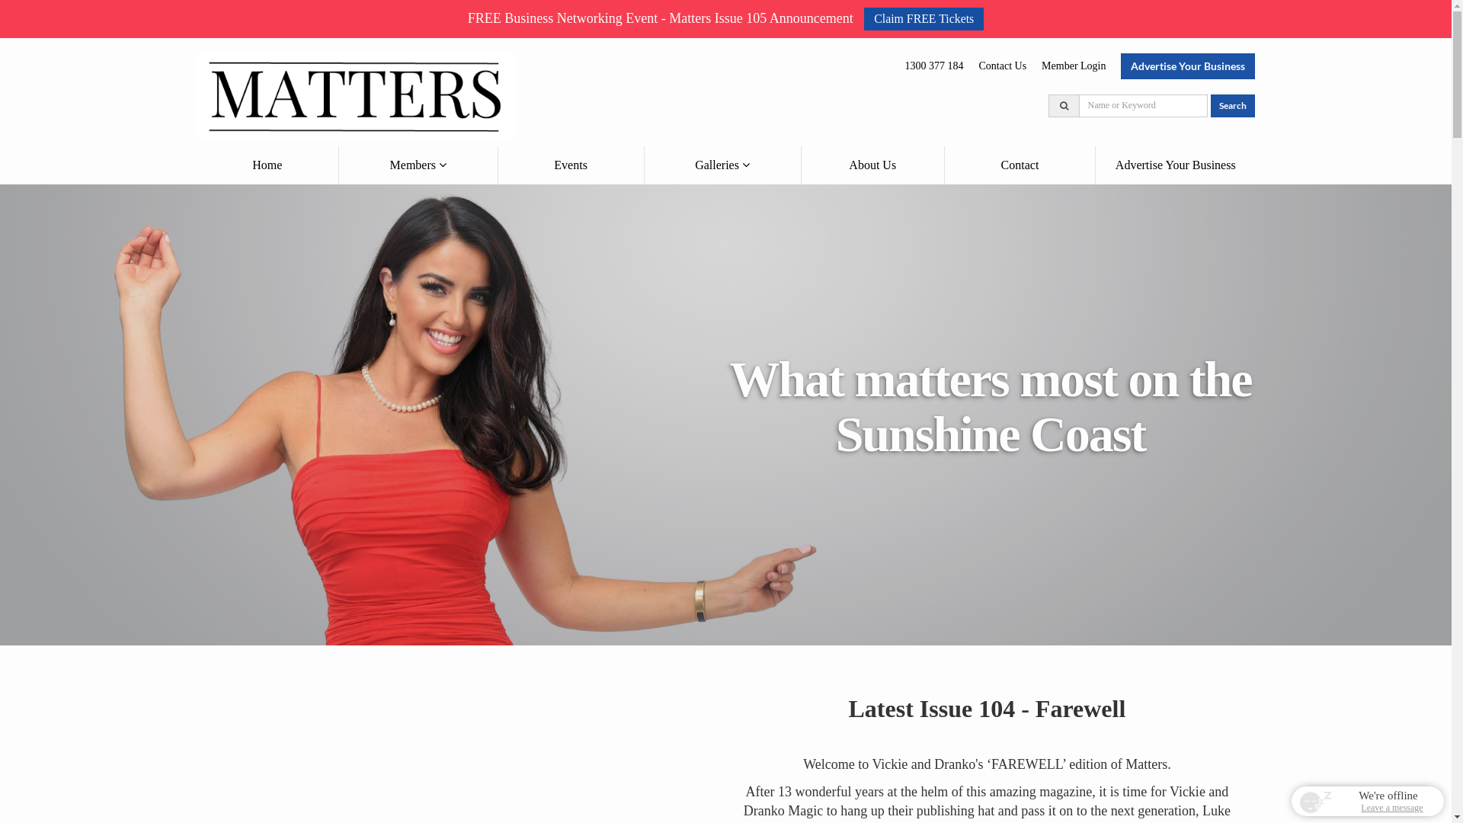 Image resolution: width=1463 pixels, height=823 pixels. Describe the element at coordinates (722, 165) in the screenshot. I see `'Galleries'` at that location.